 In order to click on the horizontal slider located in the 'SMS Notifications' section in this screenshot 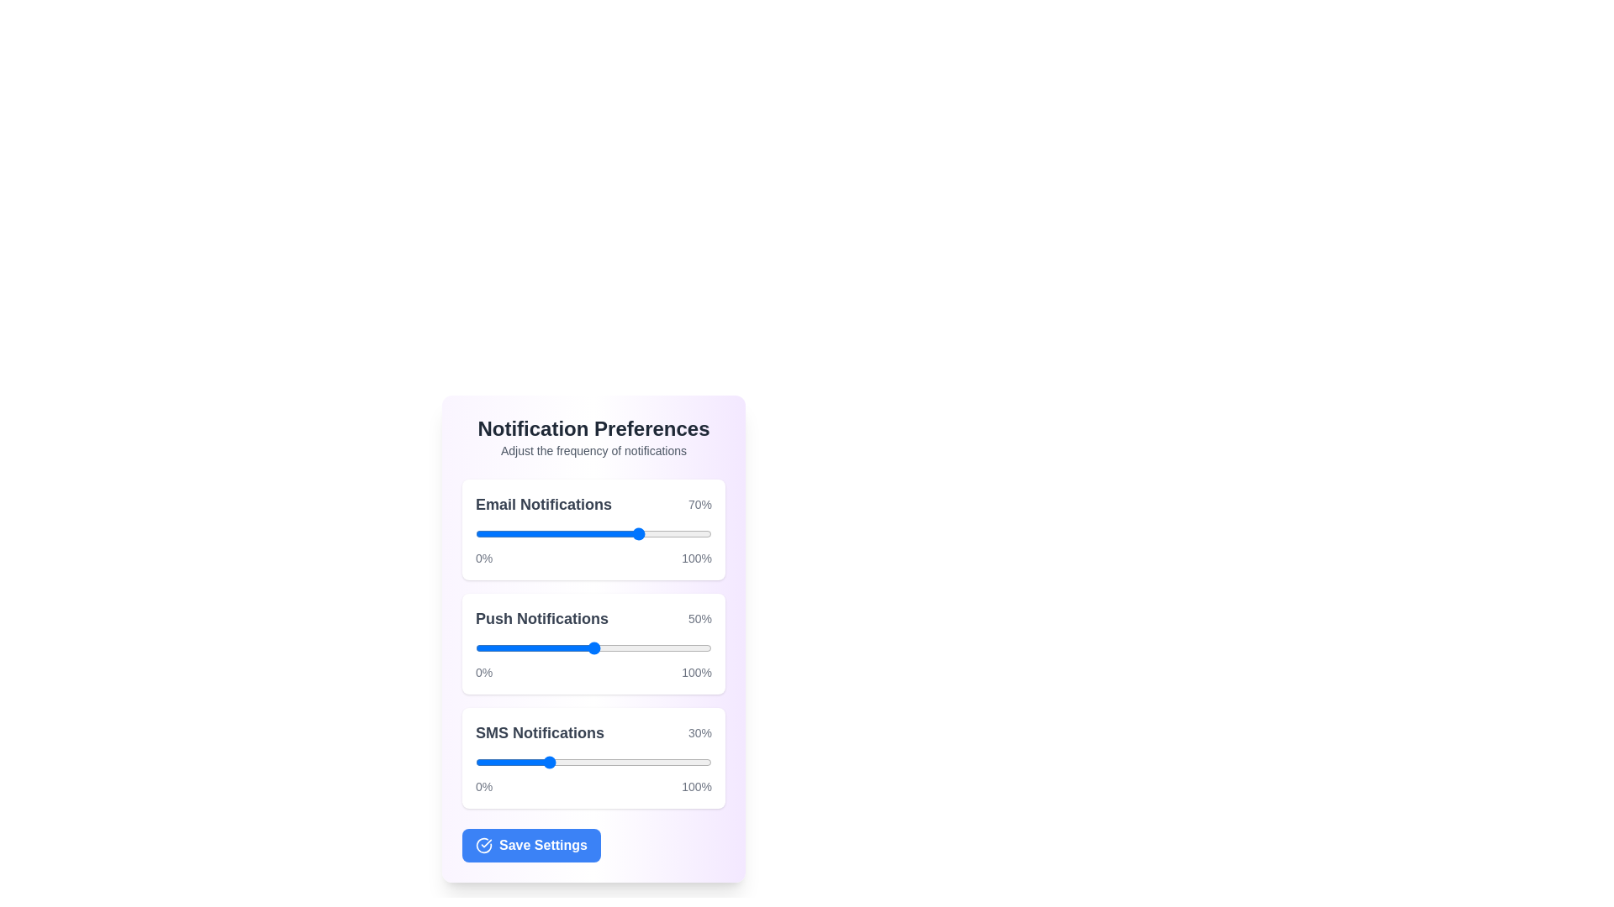, I will do `click(593, 762)`.